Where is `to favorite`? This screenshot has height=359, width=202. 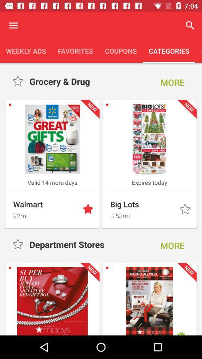
to favorite is located at coordinates (18, 244).